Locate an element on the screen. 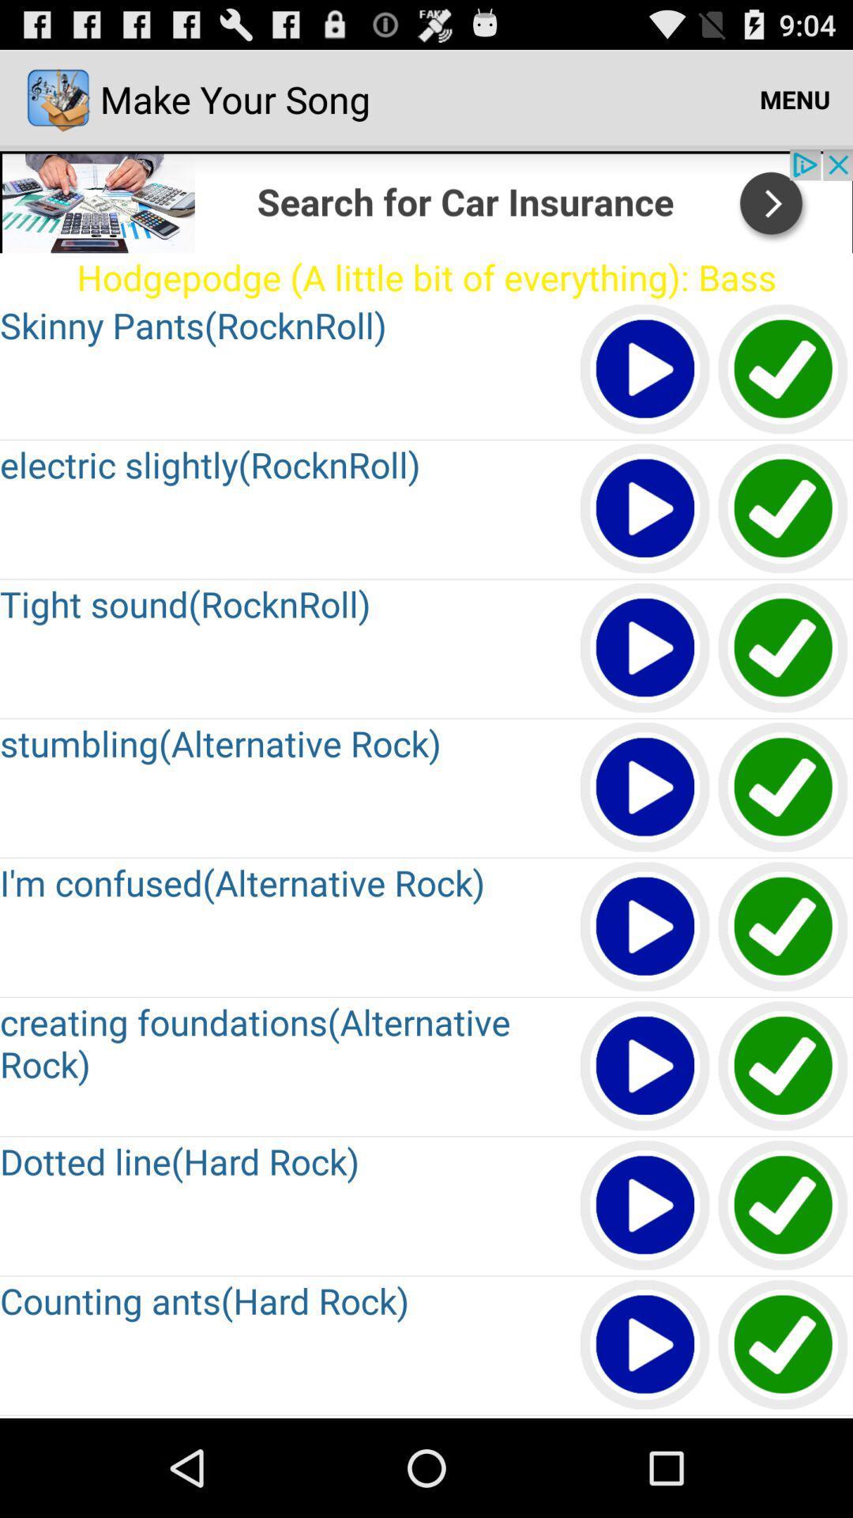  the article is located at coordinates (645, 788).